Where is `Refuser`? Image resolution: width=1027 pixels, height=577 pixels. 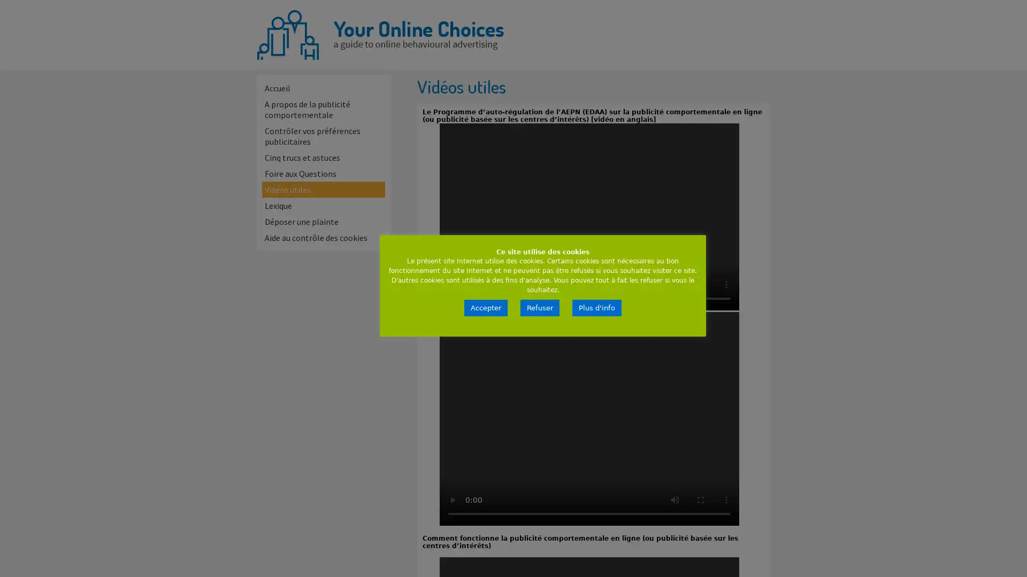
Refuser is located at coordinates (540, 308).